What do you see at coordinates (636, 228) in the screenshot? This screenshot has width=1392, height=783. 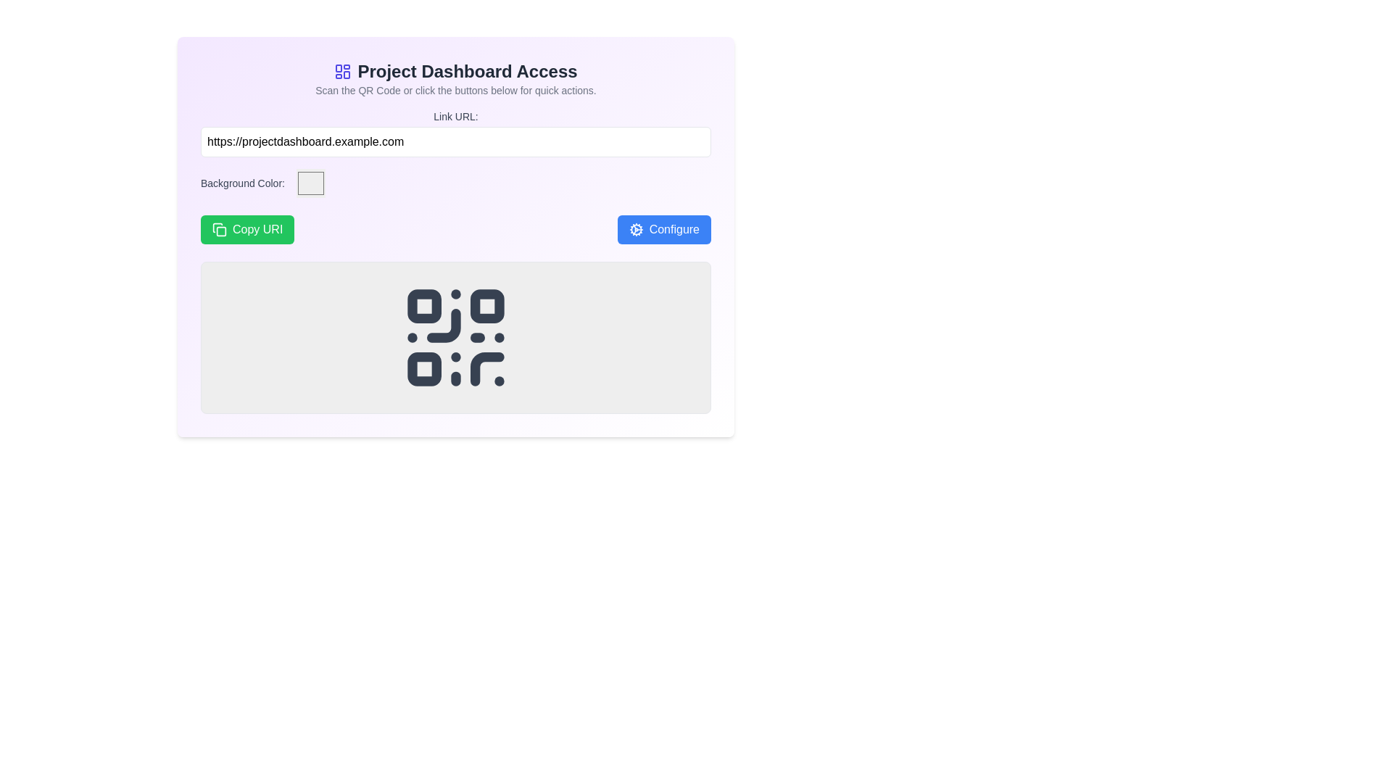 I see `the icon located to the left of the text label within the 'Configure' button in the upper-right portion of the interface` at bounding box center [636, 228].